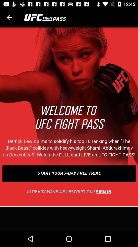 The width and height of the screenshot is (138, 247). What do you see at coordinates (69, 129) in the screenshot?
I see `advertisement page` at bounding box center [69, 129].